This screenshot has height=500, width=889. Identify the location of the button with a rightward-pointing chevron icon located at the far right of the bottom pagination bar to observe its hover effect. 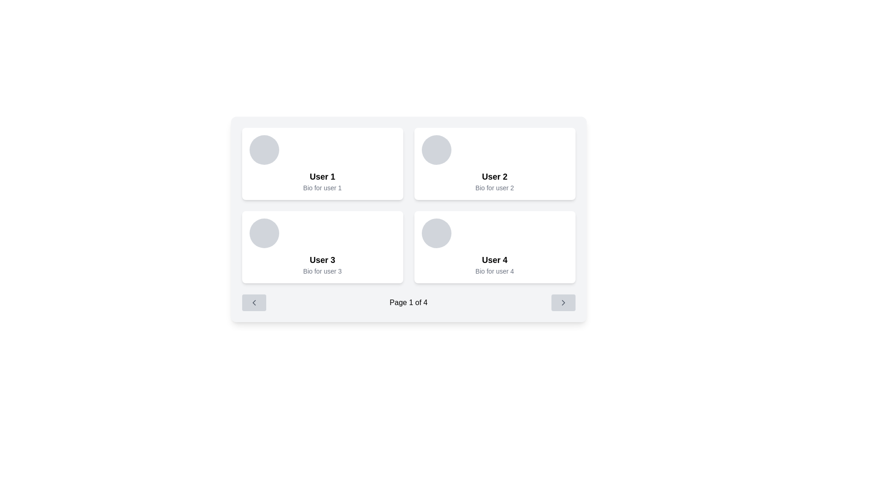
(563, 303).